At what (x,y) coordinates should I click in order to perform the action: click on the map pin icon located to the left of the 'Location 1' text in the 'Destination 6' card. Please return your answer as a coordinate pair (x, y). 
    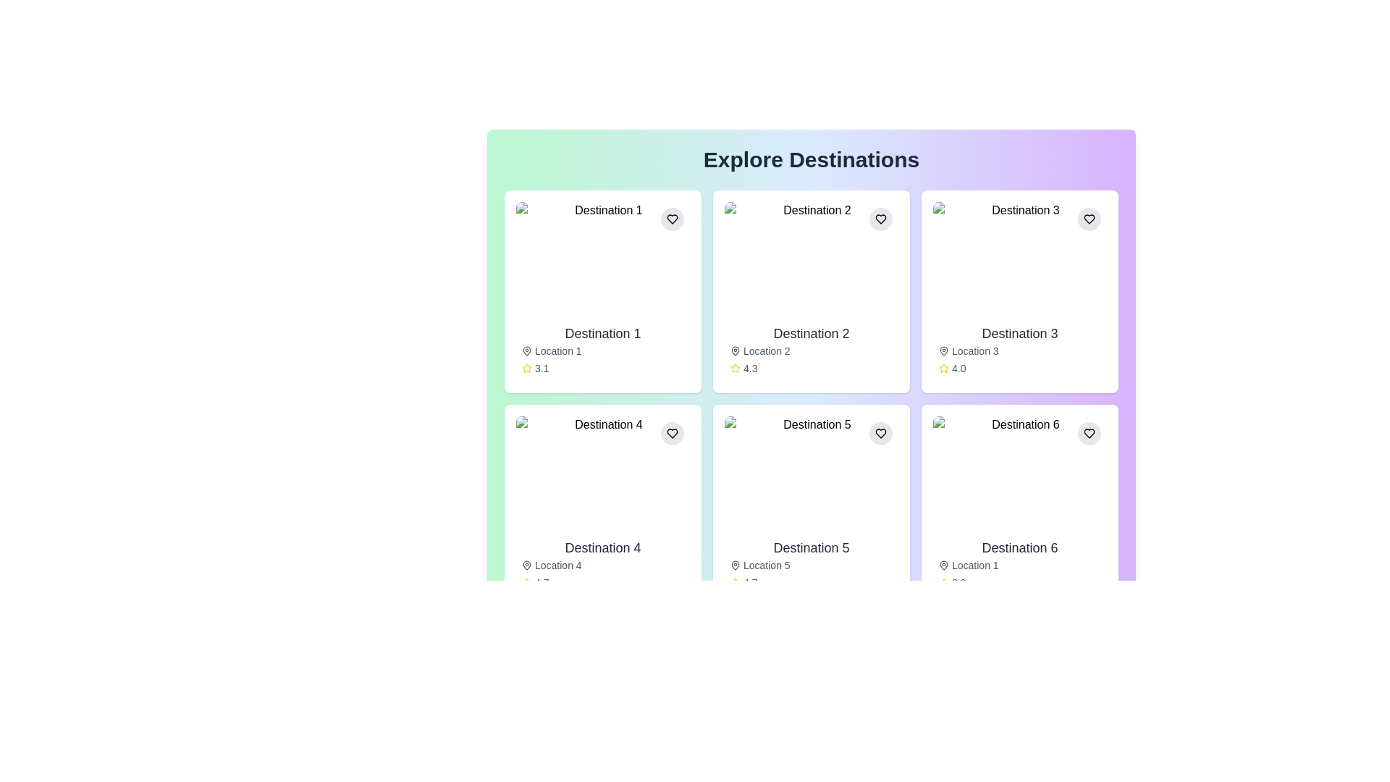
    Looking at the image, I should click on (944, 564).